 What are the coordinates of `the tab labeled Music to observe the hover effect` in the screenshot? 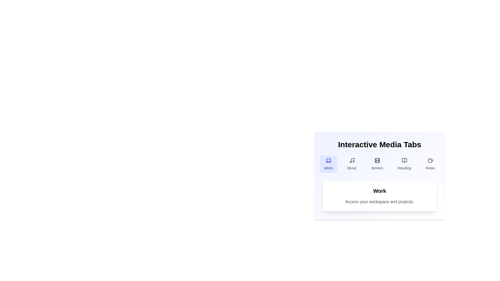 It's located at (352, 164).